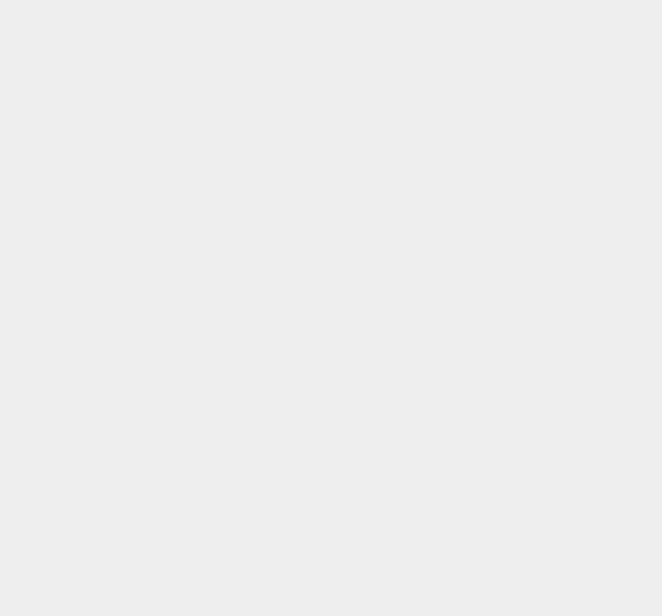 The width and height of the screenshot is (662, 616). What do you see at coordinates (492, 579) in the screenshot?
I see `'Windows Live'` at bounding box center [492, 579].